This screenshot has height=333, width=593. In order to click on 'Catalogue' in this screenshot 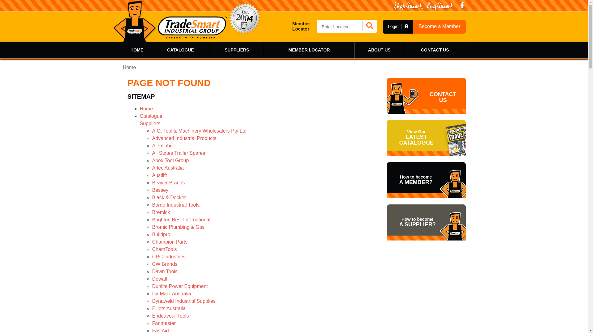, I will do `click(139, 116)`.